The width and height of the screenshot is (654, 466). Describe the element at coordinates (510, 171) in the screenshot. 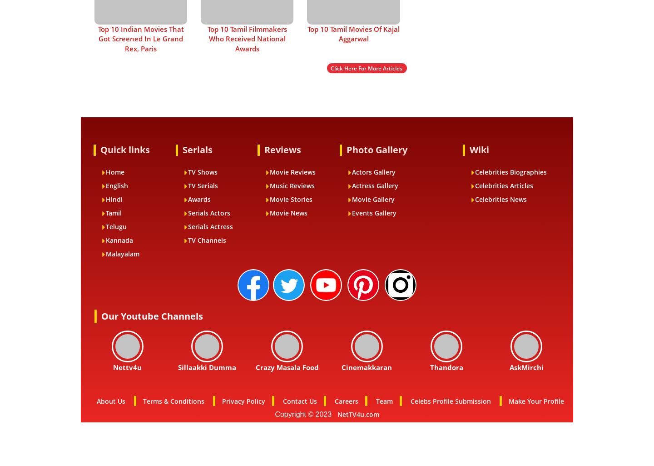

I see `'Celebrities
                                            Biographies'` at that location.